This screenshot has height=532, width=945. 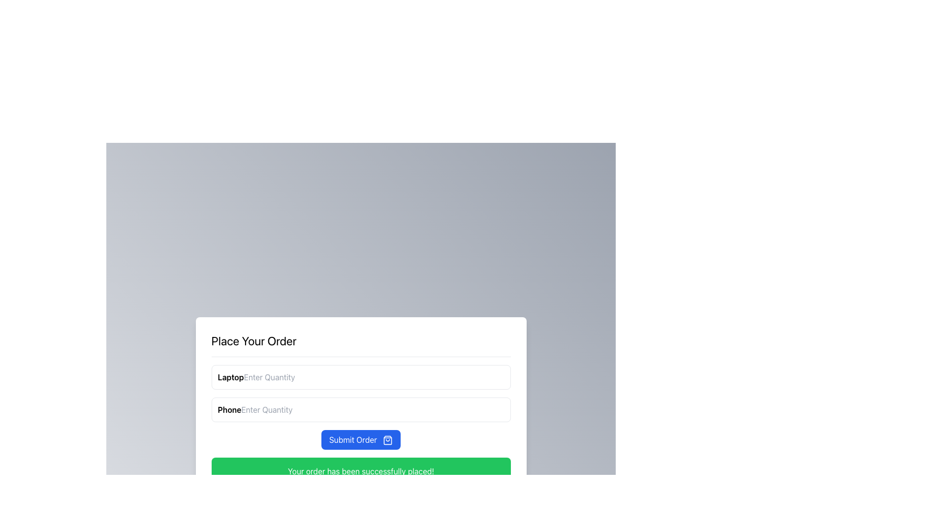 What do you see at coordinates (286, 377) in the screenshot?
I see `the text input field for specifying the quantity of the item labeled 'Laptop'` at bounding box center [286, 377].